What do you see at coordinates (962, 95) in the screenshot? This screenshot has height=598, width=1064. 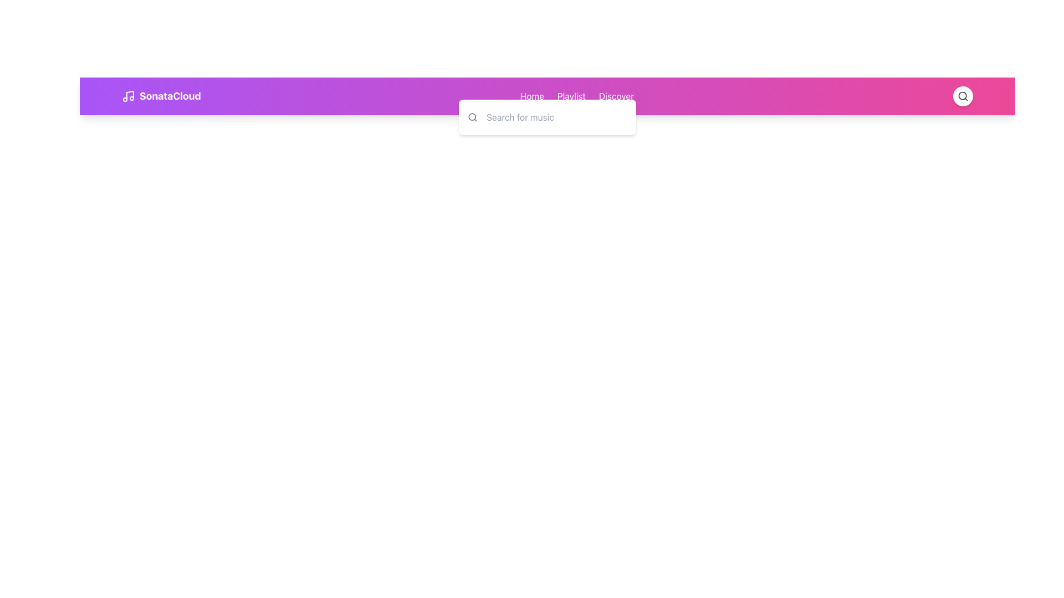 I see `the circular button with a white background and a magnifying glass icon located in the far-right section of the header bar` at bounding box center [962, 95].